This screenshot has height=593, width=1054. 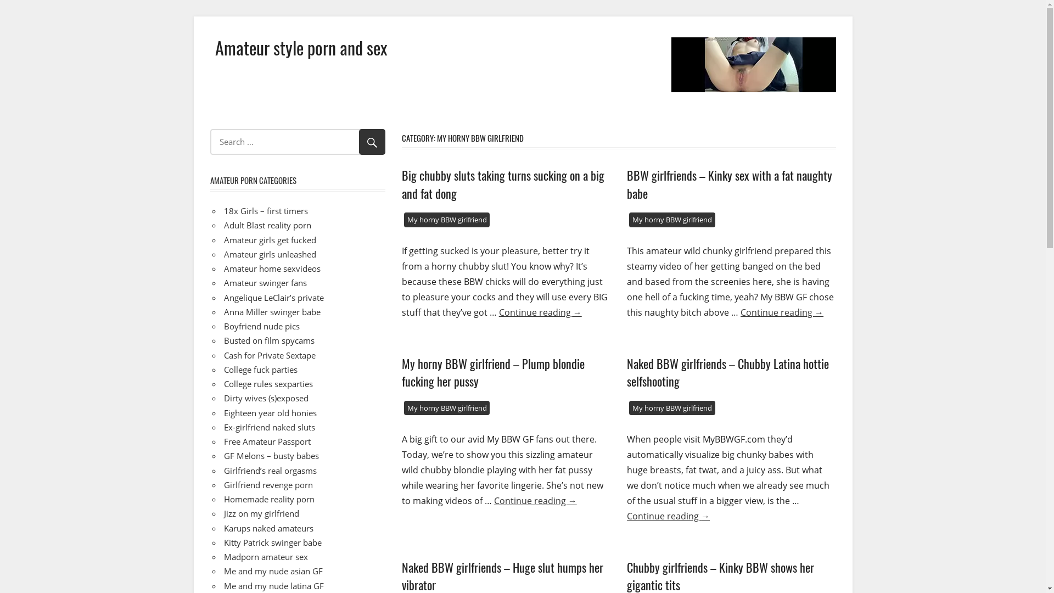 What do you see at coordinates (223, 413) in the screenshot?
I see `'Eighteen year old honies'` at bounding box center [223, 413].